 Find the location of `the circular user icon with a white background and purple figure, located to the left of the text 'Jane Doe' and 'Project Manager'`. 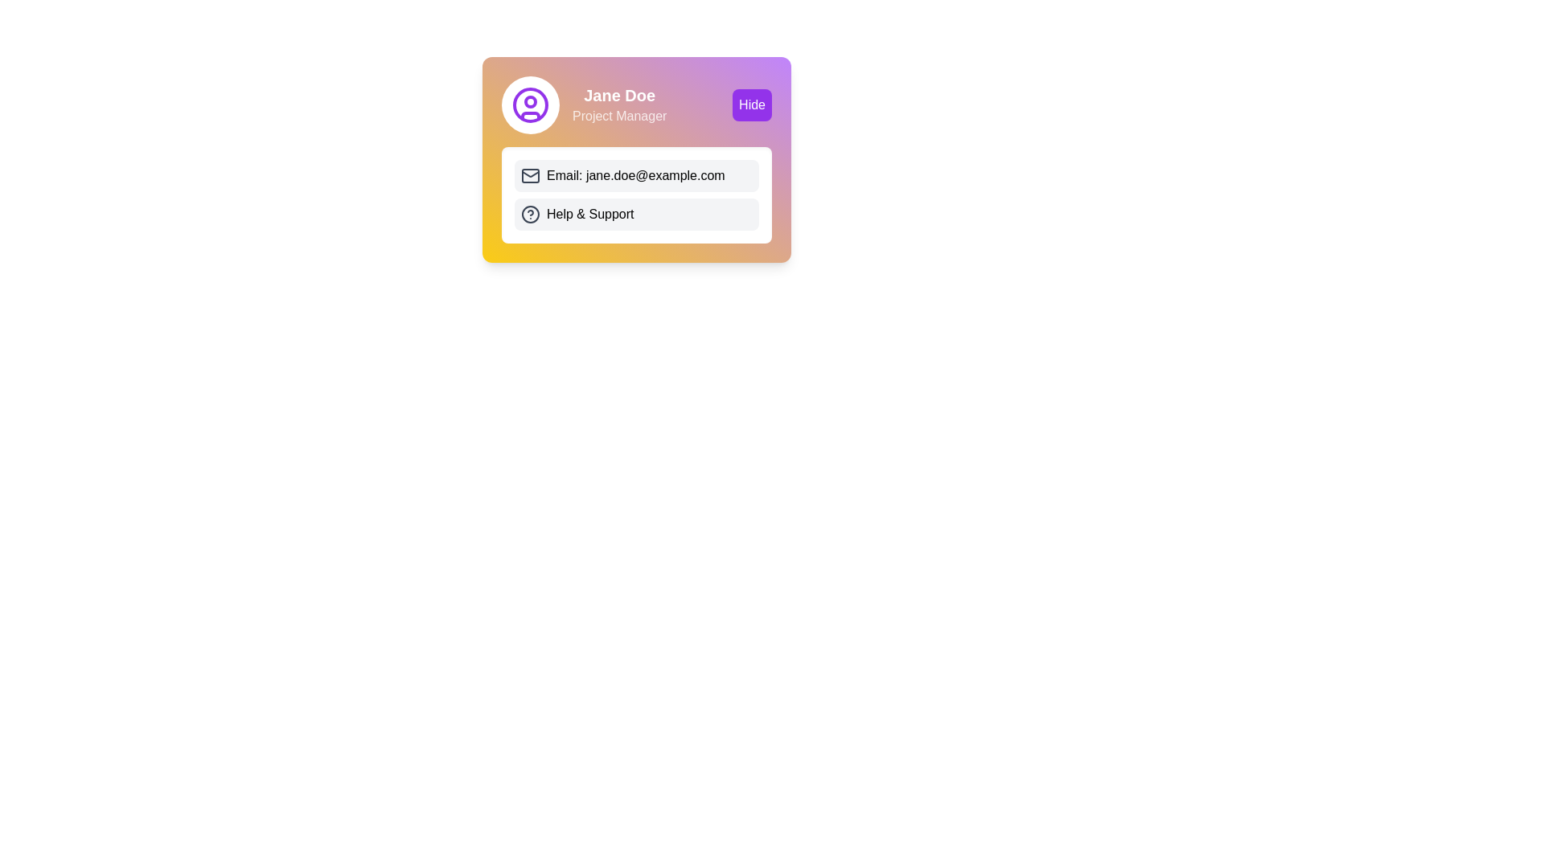

the circular user icon with a white background and purple figure, located to the left of the text 'Jane Doe' and 'Project Manager' is located at coordinates (531, 105).